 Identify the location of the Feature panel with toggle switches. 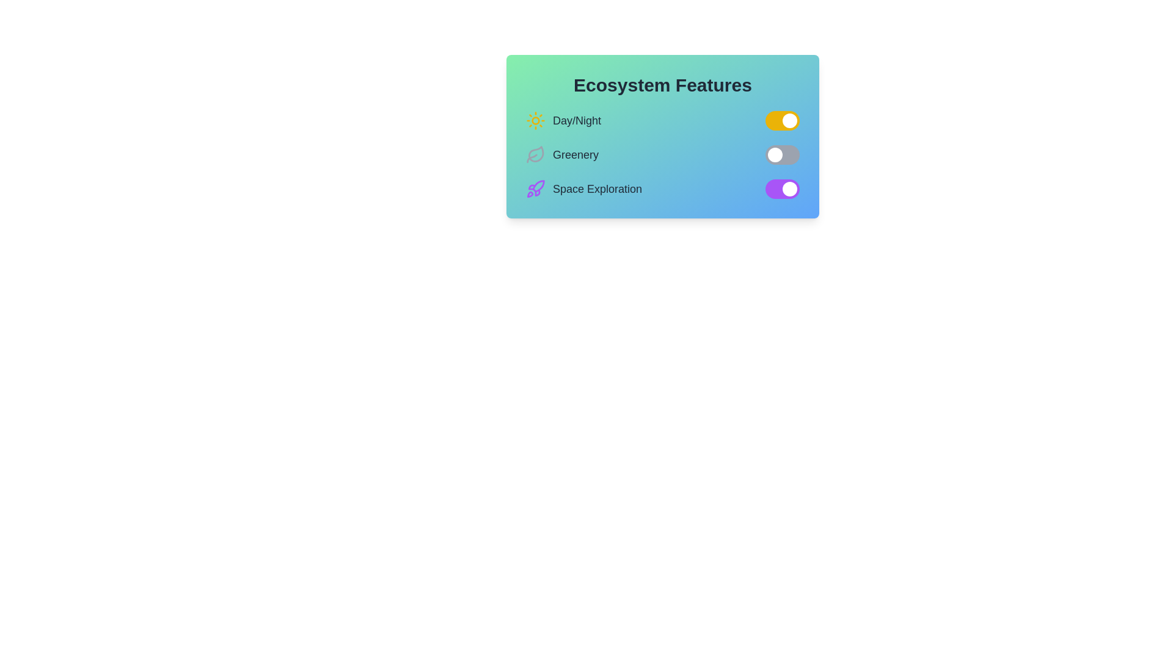
(662, 136).